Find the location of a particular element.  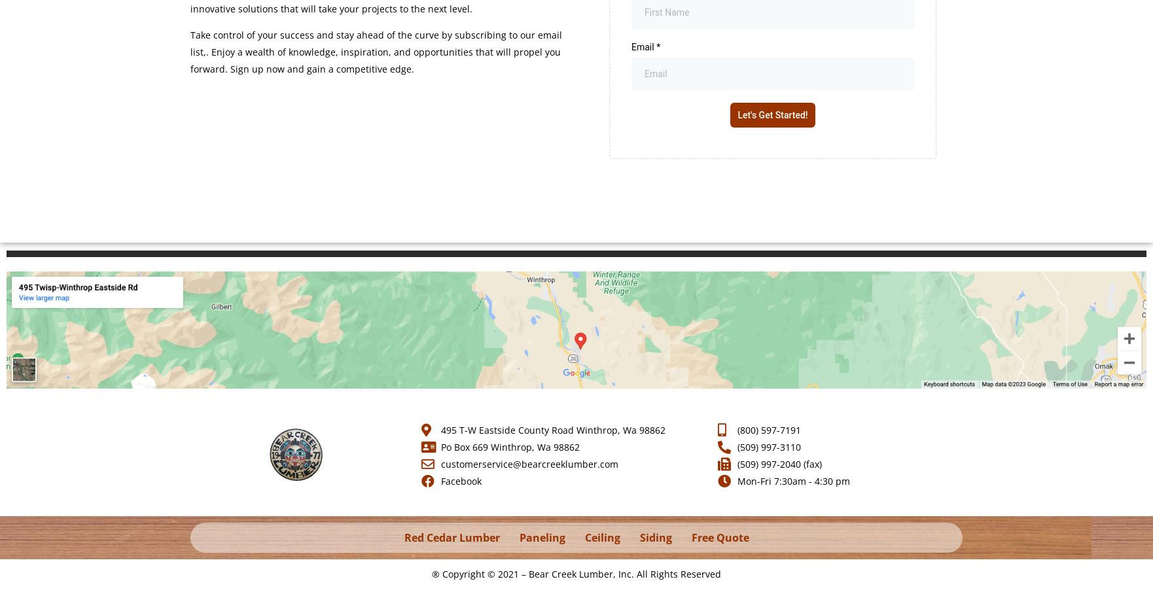

'(800) 597-7191' is located at coordinates (768, 428).